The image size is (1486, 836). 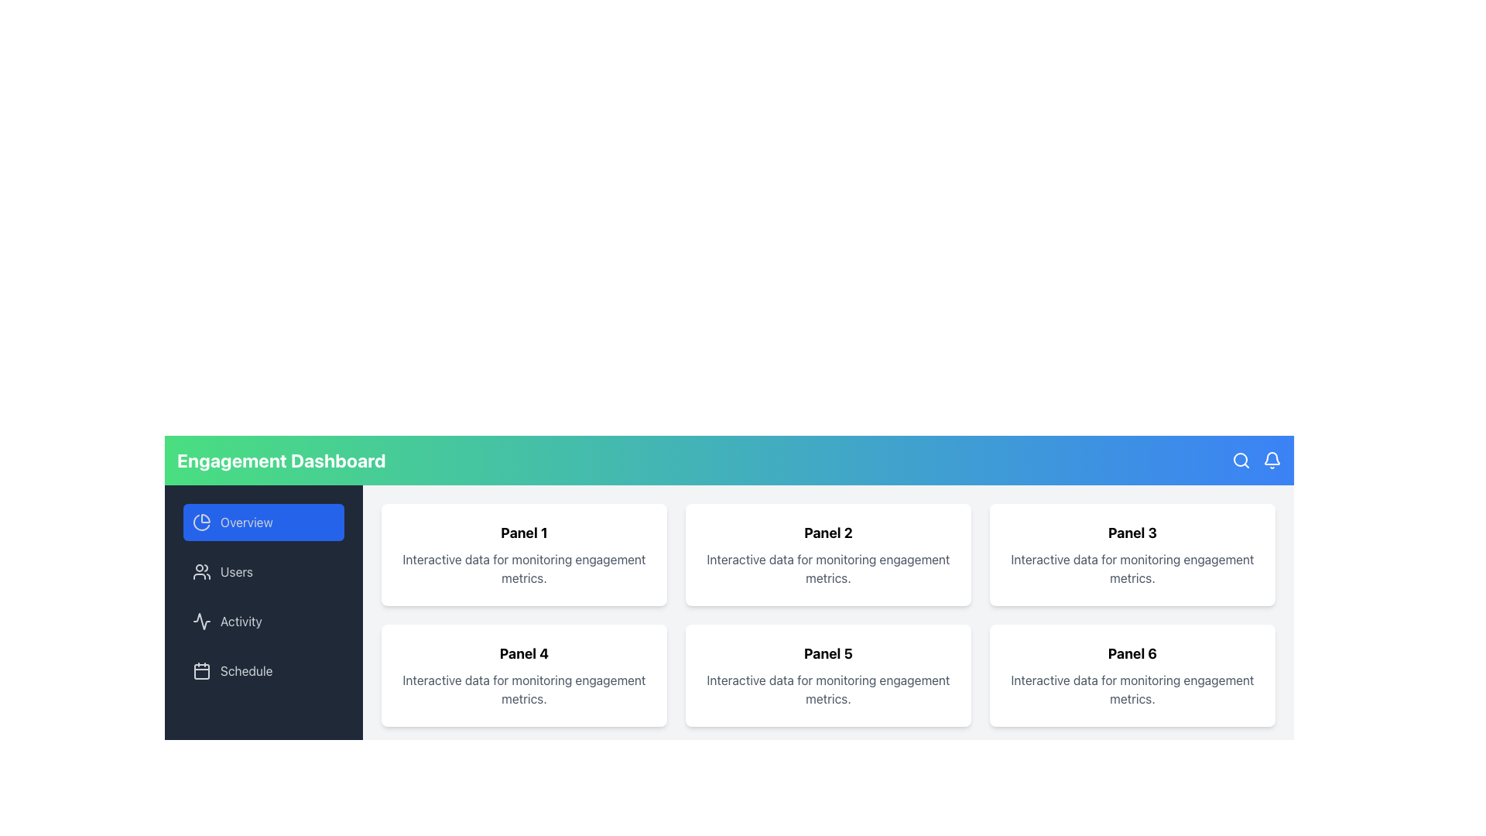 I want to click on the notification bell icon located at the top-right corner of the interface, so click(x=1272, y=459).